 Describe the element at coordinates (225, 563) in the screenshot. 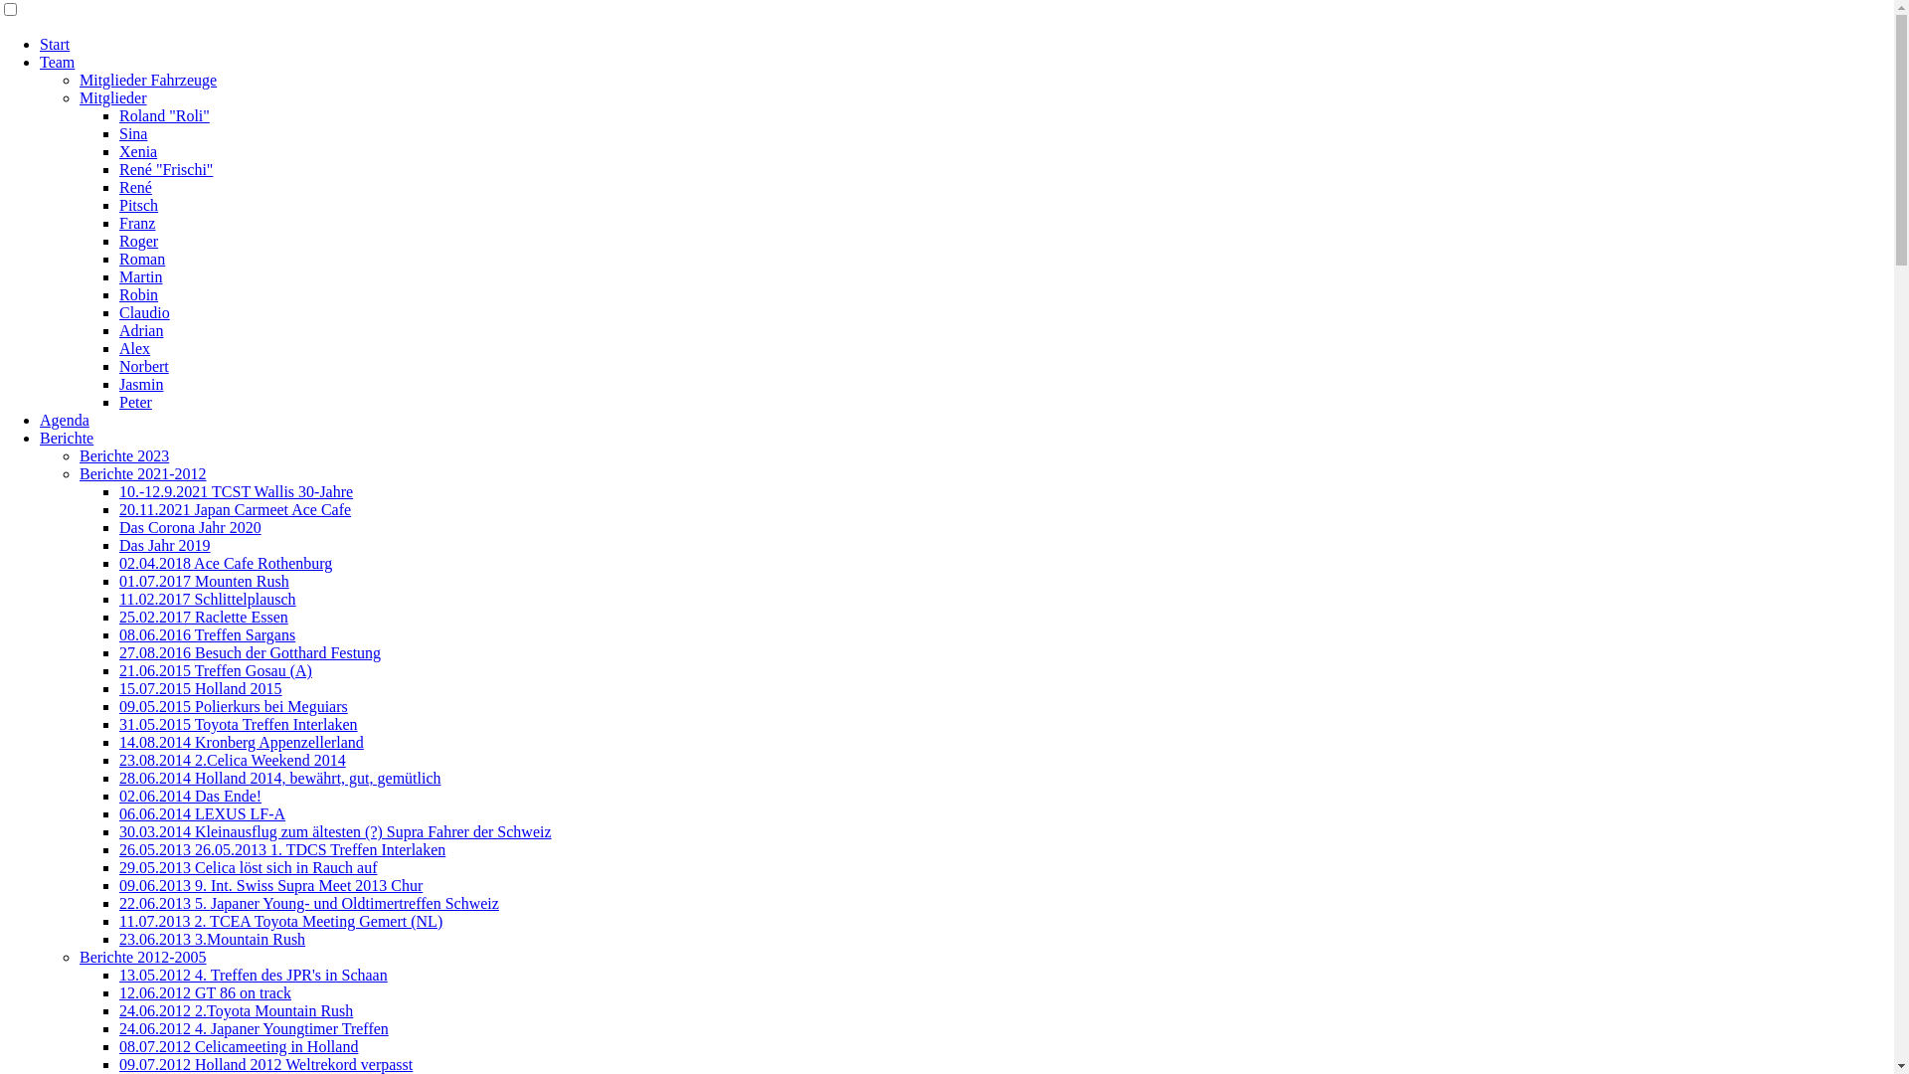

I see `'02.04.2018 Ace Cafe Rothenburg'` at that location.